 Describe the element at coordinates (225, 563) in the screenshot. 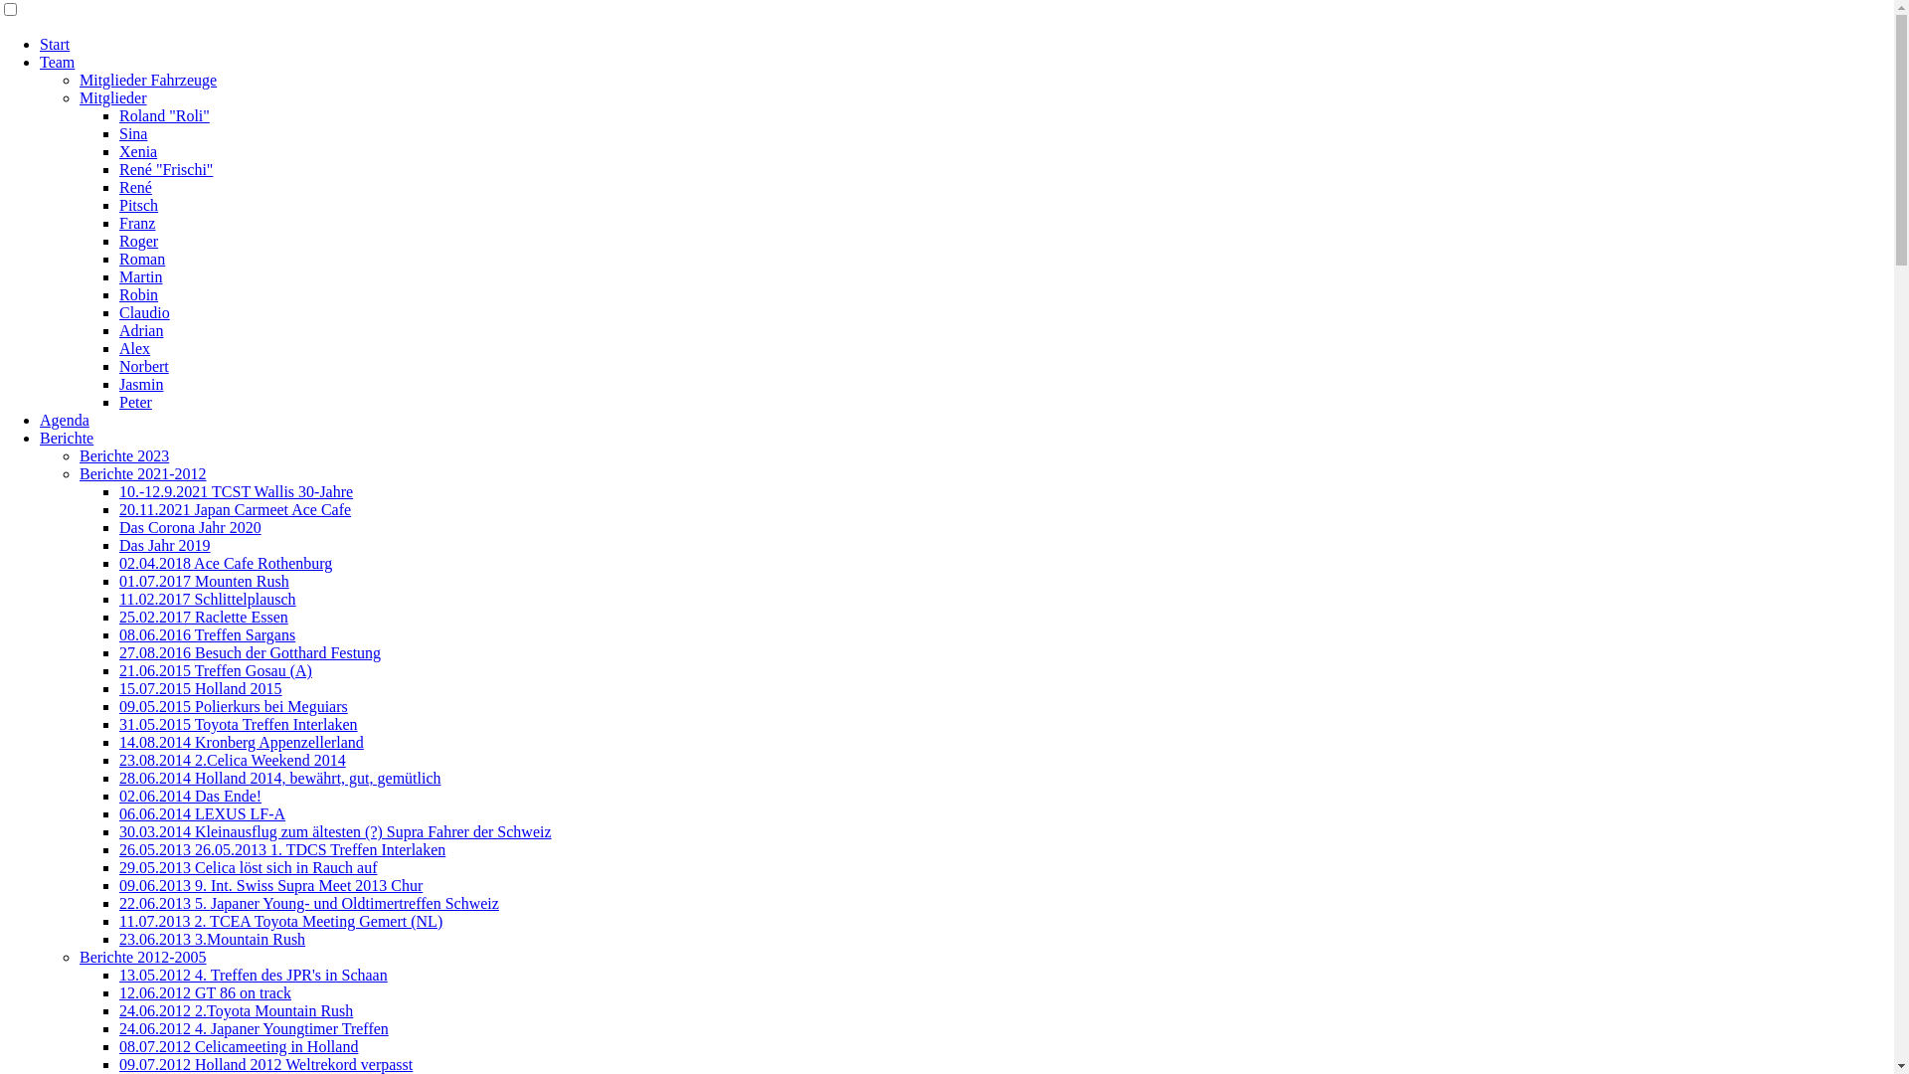

I see `'02.04.2018 Ace Cafe Rothenburg'` at that location.